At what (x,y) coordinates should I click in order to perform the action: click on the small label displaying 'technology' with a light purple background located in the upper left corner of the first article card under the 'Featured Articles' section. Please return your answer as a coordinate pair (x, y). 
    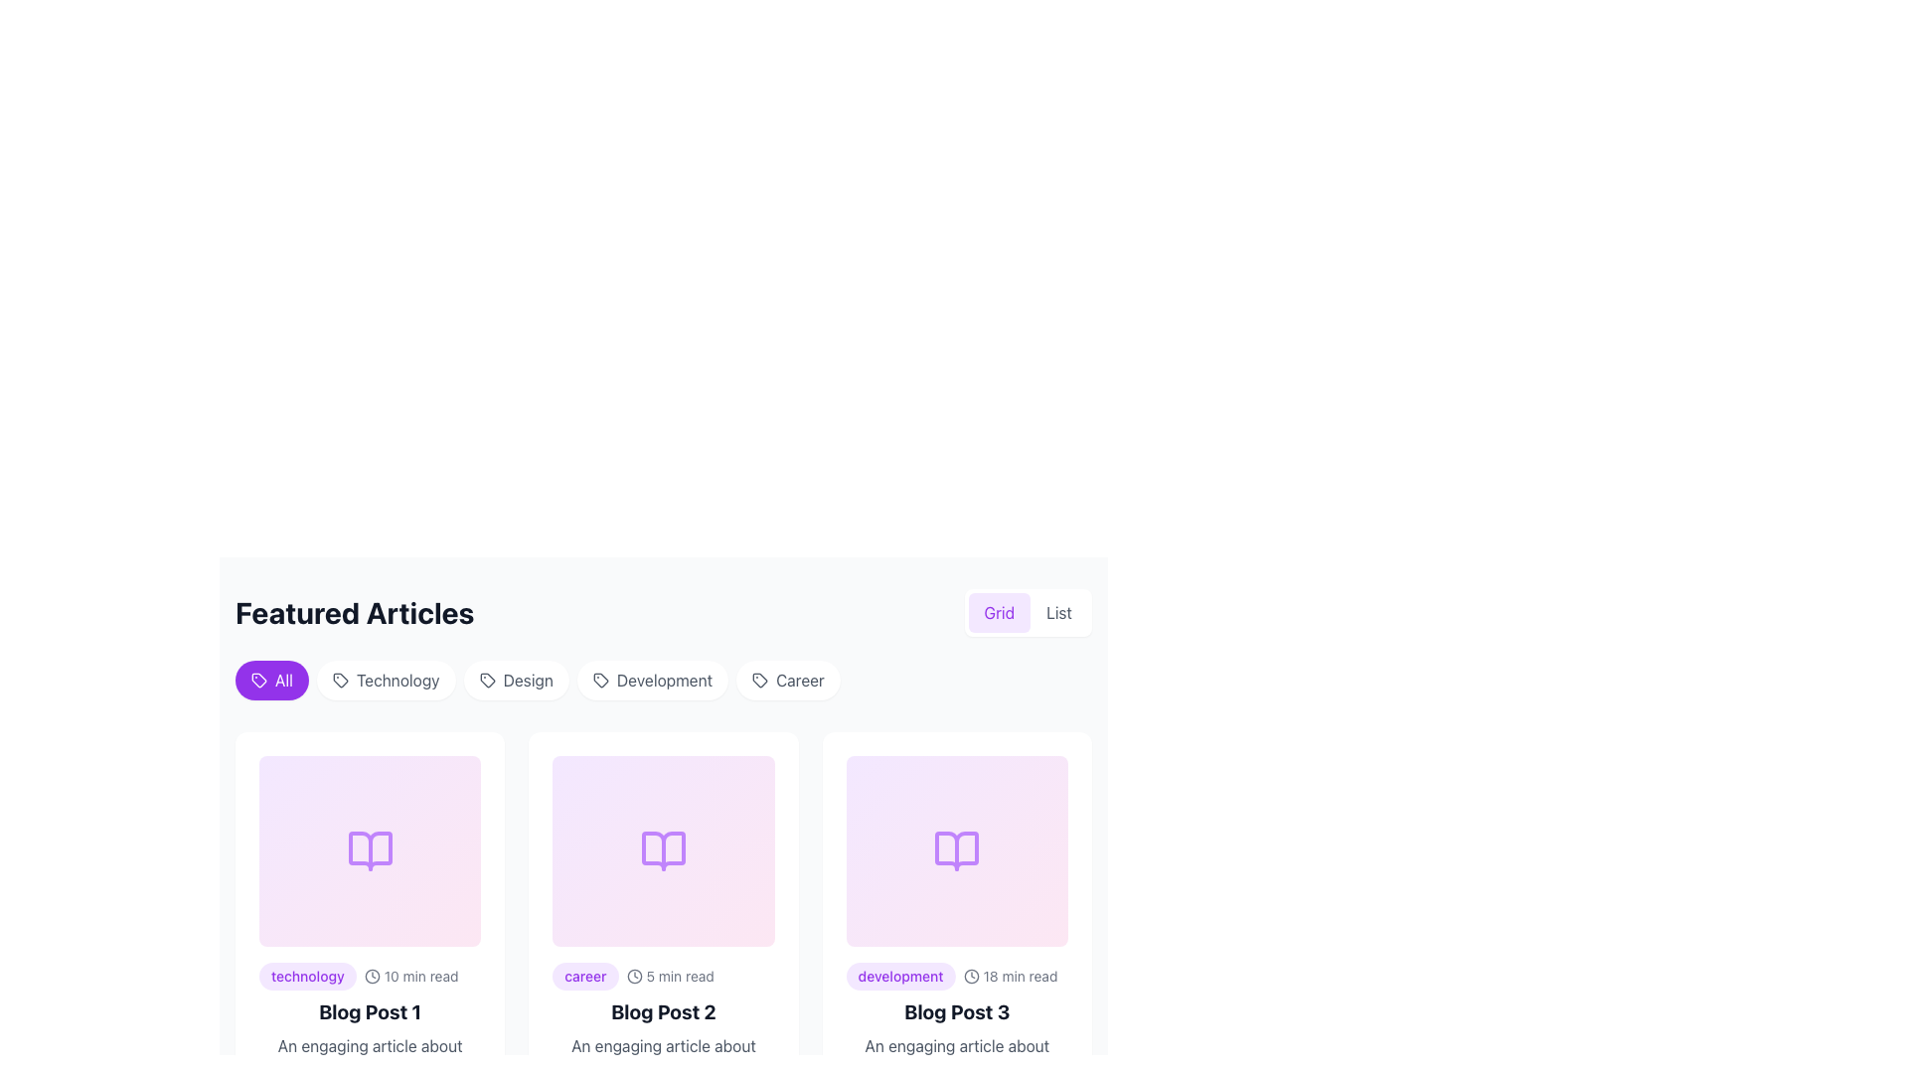
    Looking at the image, I should click on (306, 976).